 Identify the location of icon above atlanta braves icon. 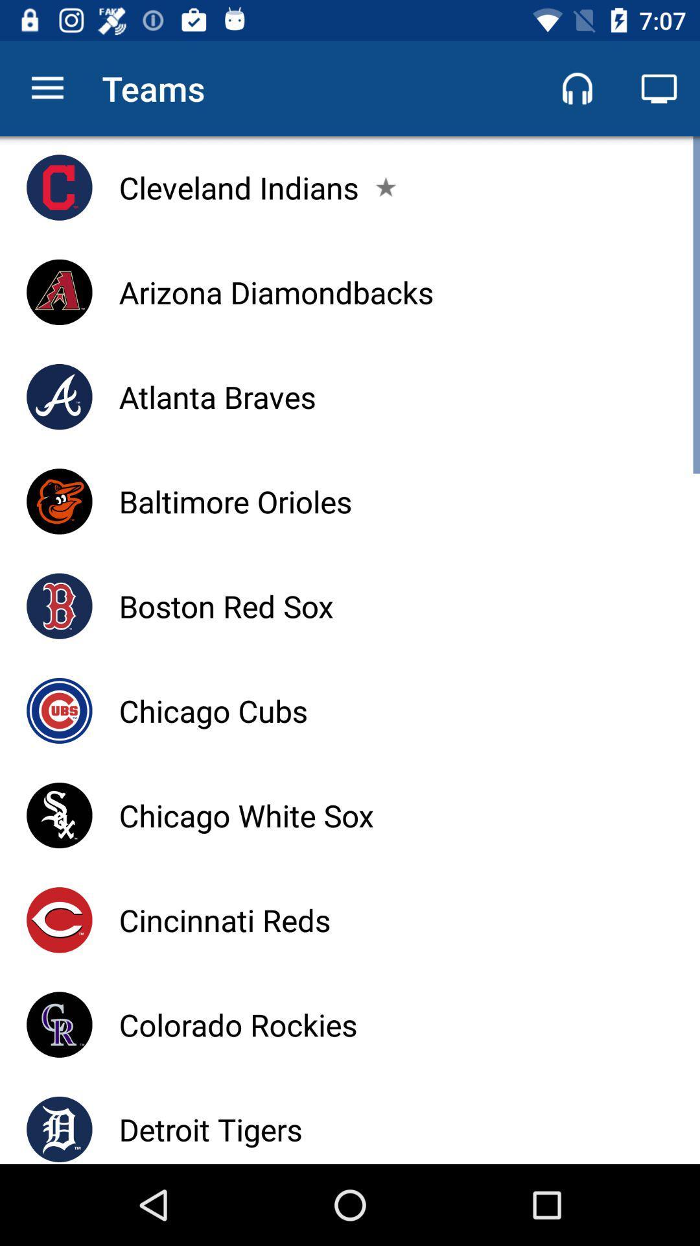
(275, 291).